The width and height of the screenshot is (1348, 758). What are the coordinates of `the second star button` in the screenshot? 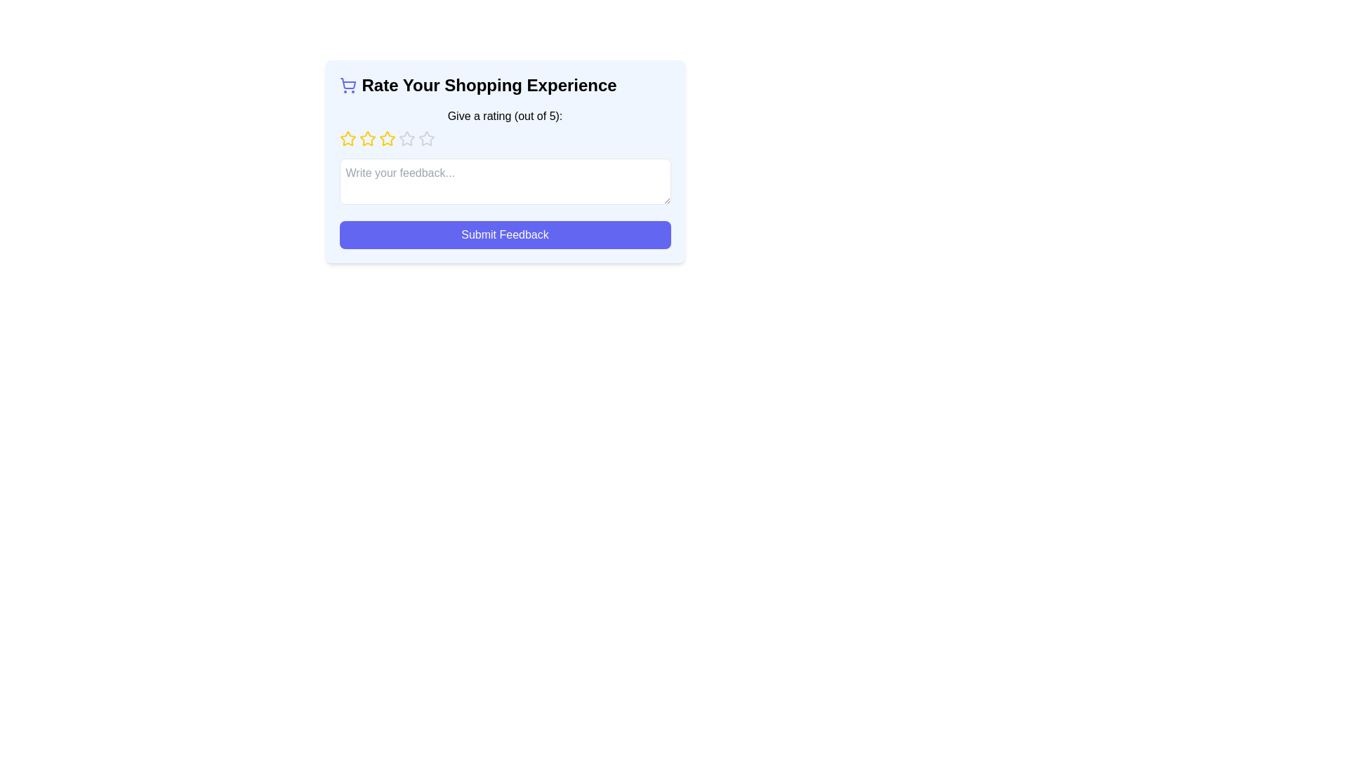 It's located at (367, 138).